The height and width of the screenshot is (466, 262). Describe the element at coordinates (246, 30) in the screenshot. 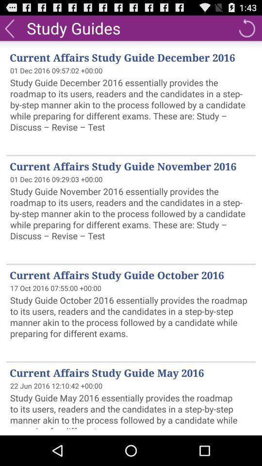

I see `the refresh icon` at that location.